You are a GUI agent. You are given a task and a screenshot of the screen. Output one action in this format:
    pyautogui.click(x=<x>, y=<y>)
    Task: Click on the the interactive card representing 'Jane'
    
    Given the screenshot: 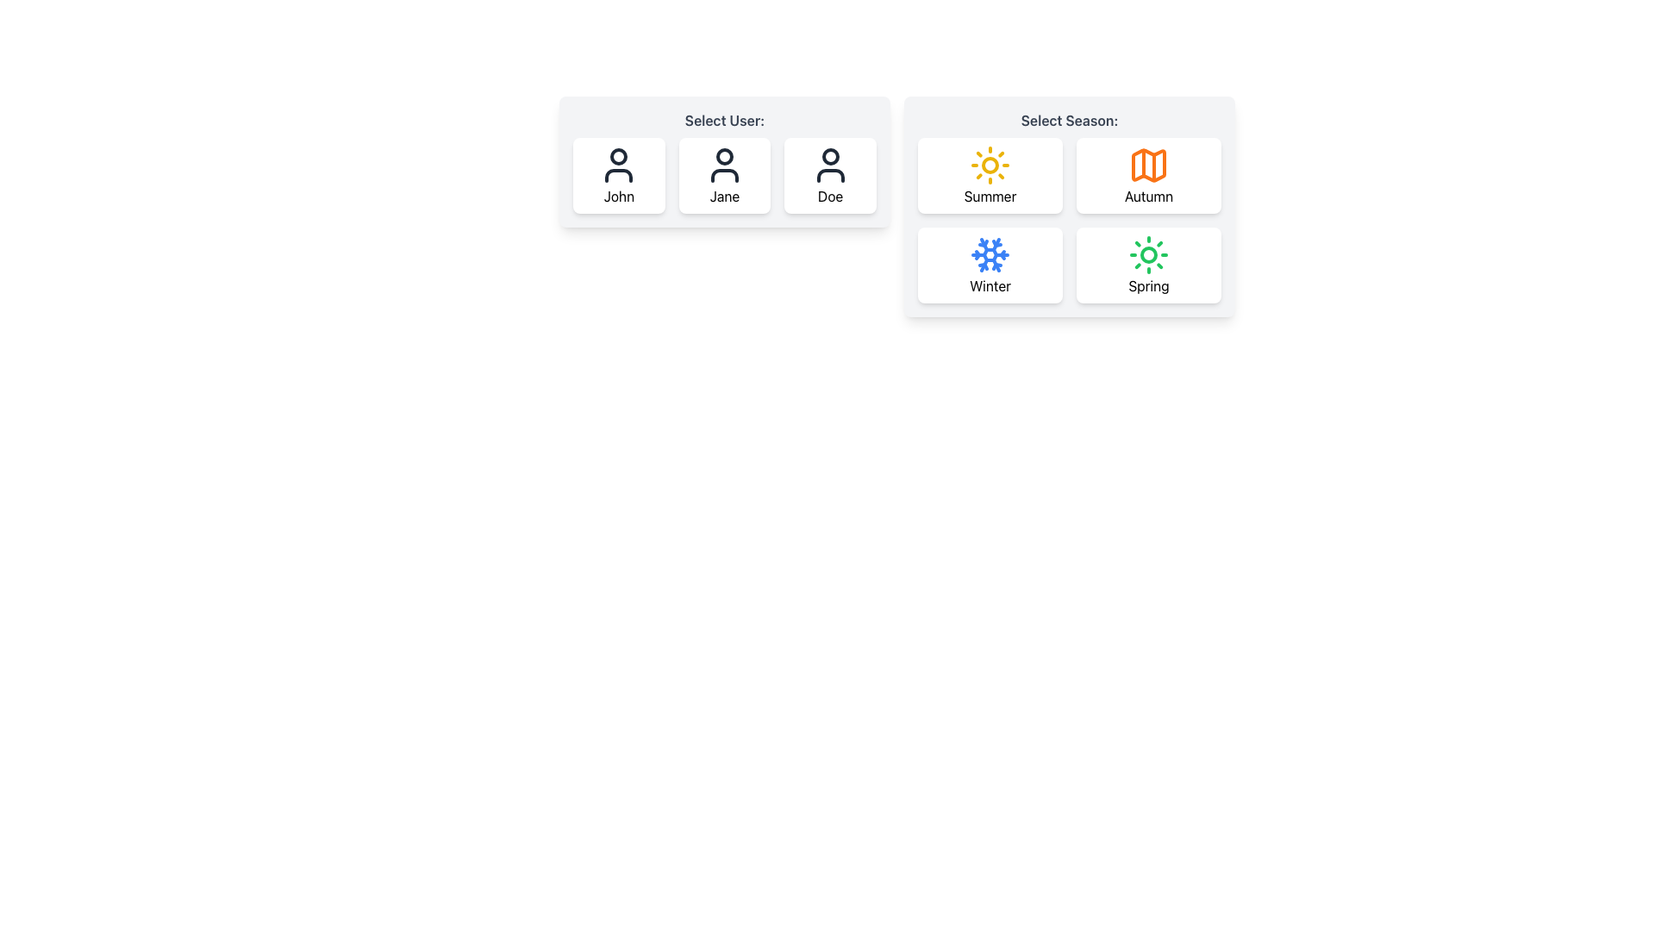 What is the action you would take?
    pyautogui.click(x=724, y=176)
    